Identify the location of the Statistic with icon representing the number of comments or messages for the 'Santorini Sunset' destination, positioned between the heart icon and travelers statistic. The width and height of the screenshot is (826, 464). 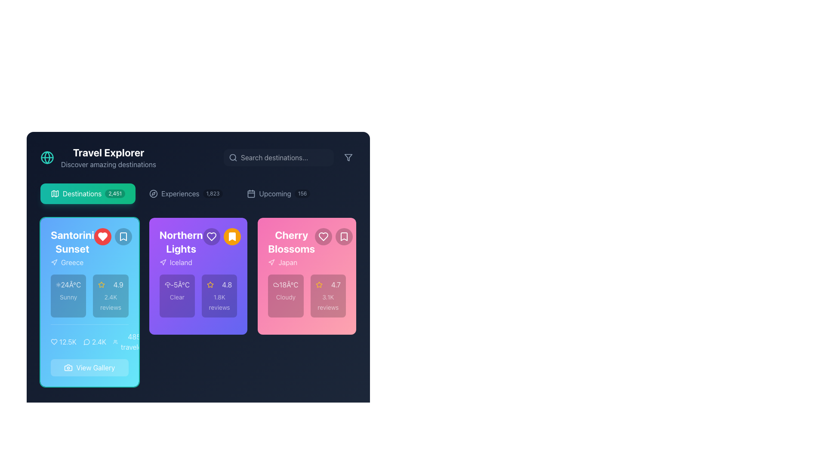
(95, 341).